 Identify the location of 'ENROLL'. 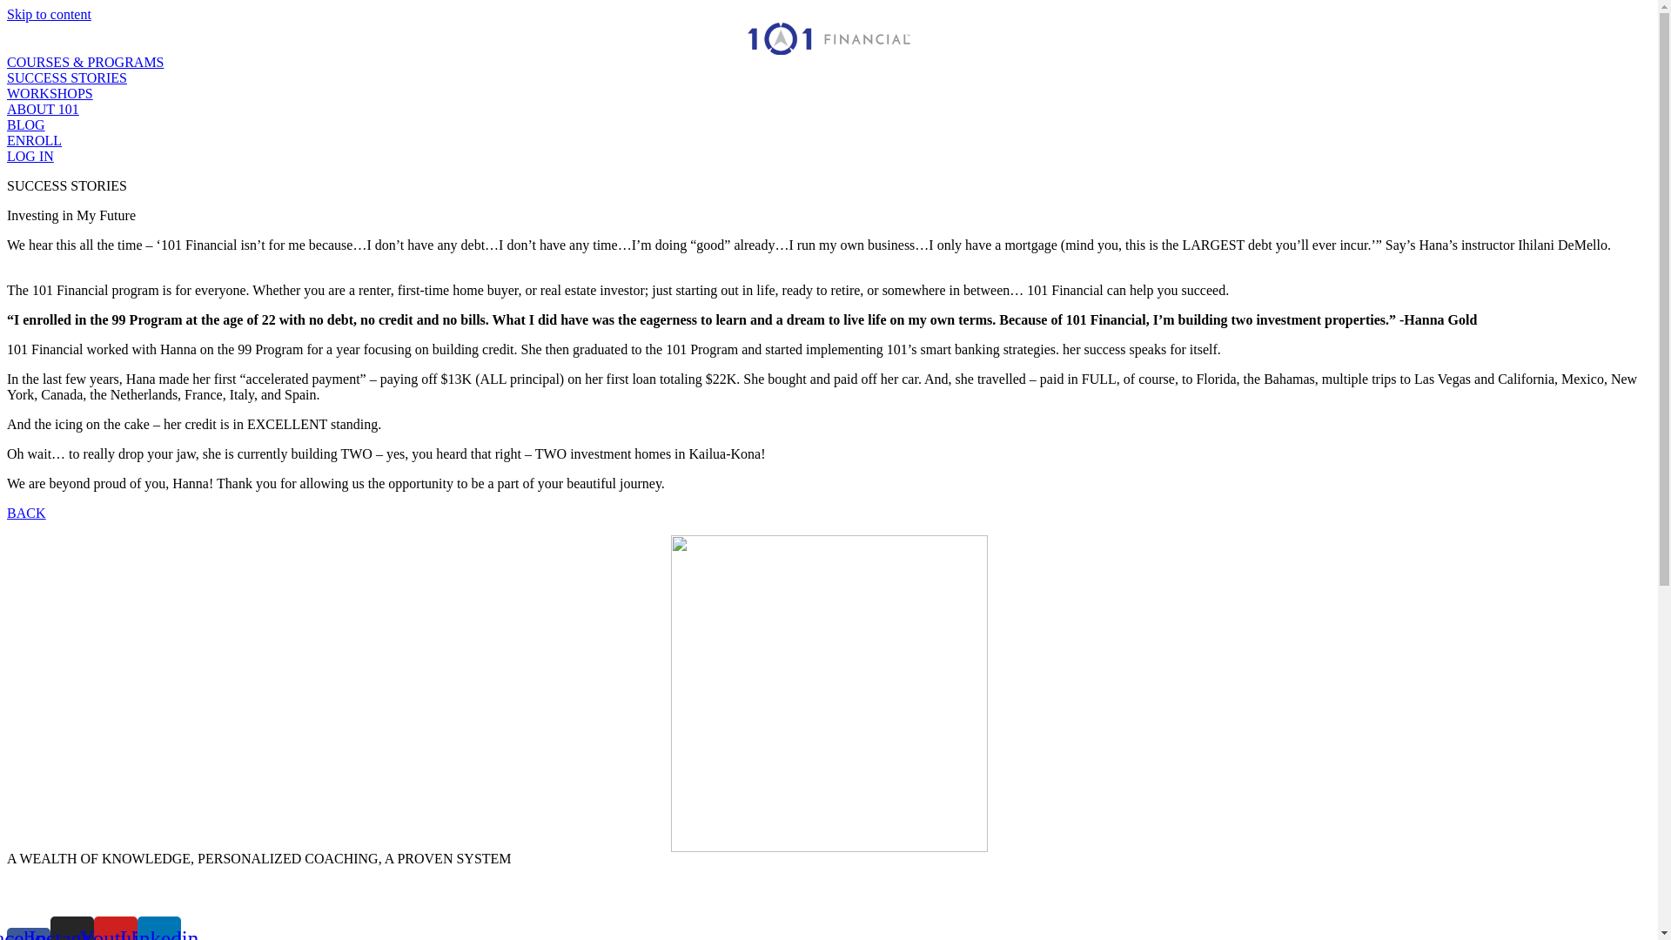
(34, 139).